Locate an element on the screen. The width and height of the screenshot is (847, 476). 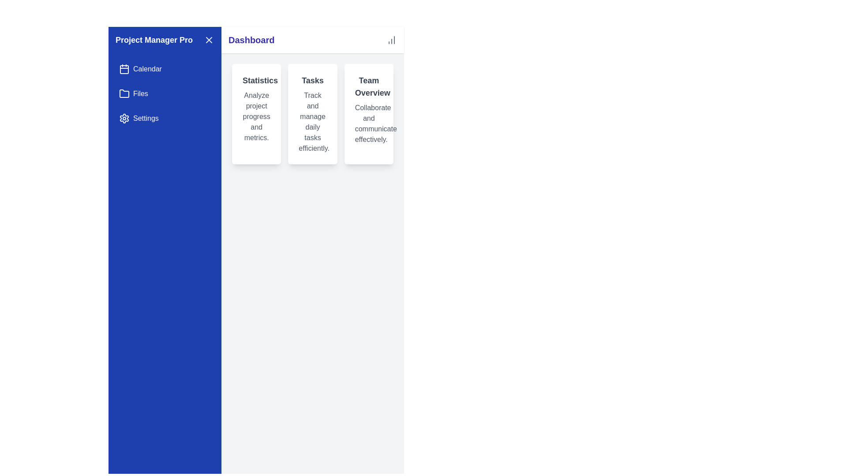
the close icon button represented by an 'X' shape located on the top right of the sidebar header section next to 'Project Manager Pro' is located at coordinates (209, 40).